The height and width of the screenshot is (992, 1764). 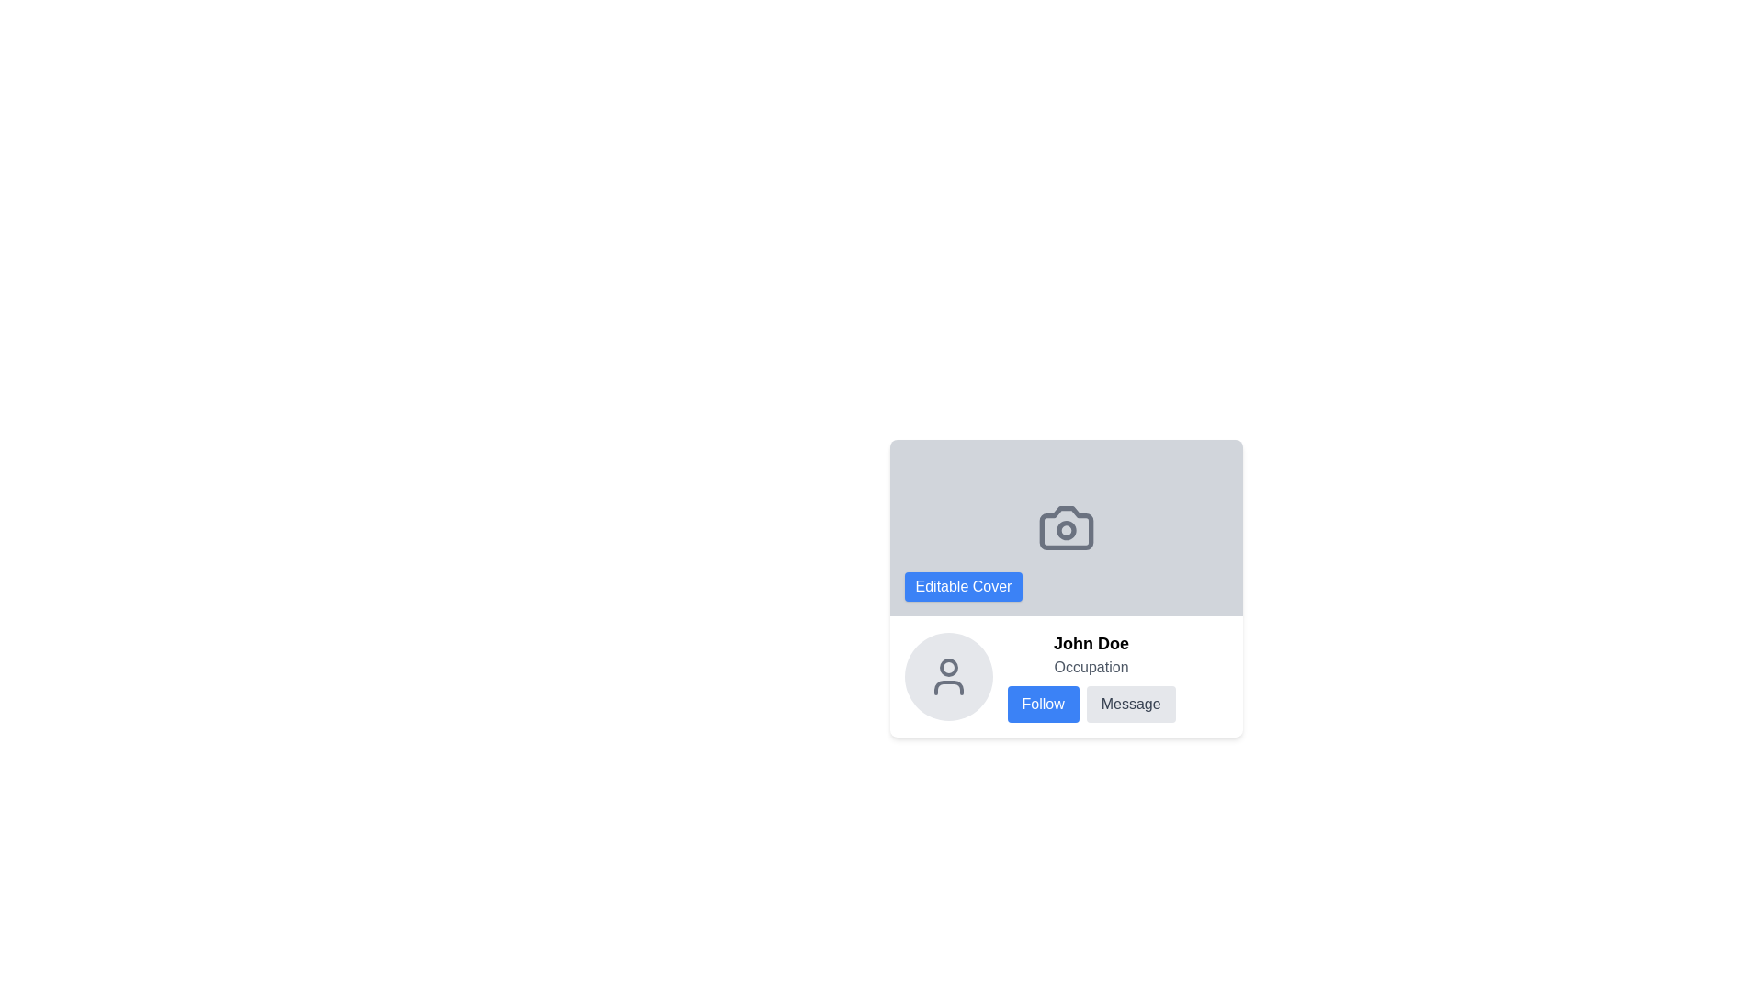 What do you see at coordinates (1043, 704) in the screenshot?
I see `the 'Follow' button with a blue background and white text, which is the first button in a horizontal group located below the profile details` at bounding box center [1043, 704].